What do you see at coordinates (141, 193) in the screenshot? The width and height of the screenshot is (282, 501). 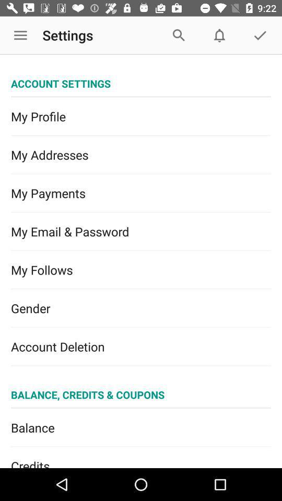 I see `item above my email & password icon` at bounding box center [141, 193].